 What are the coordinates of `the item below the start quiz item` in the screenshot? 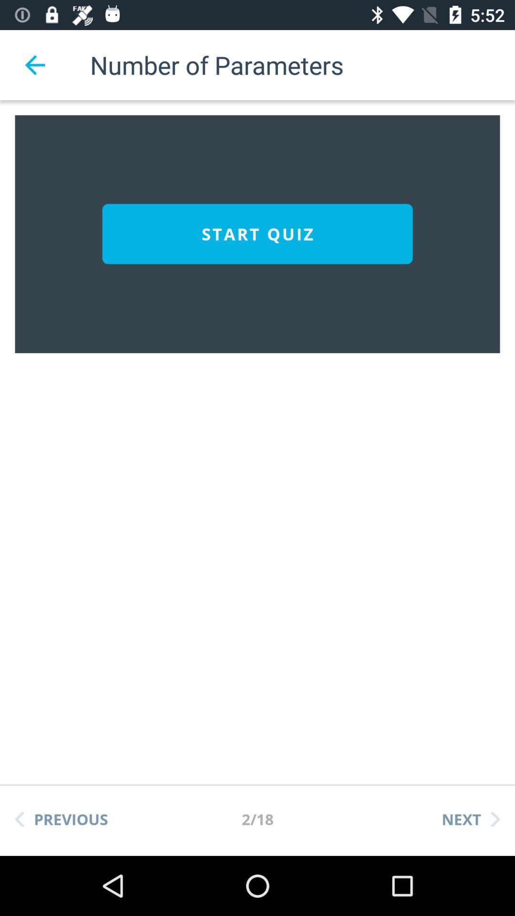 It's located at (61, 819).